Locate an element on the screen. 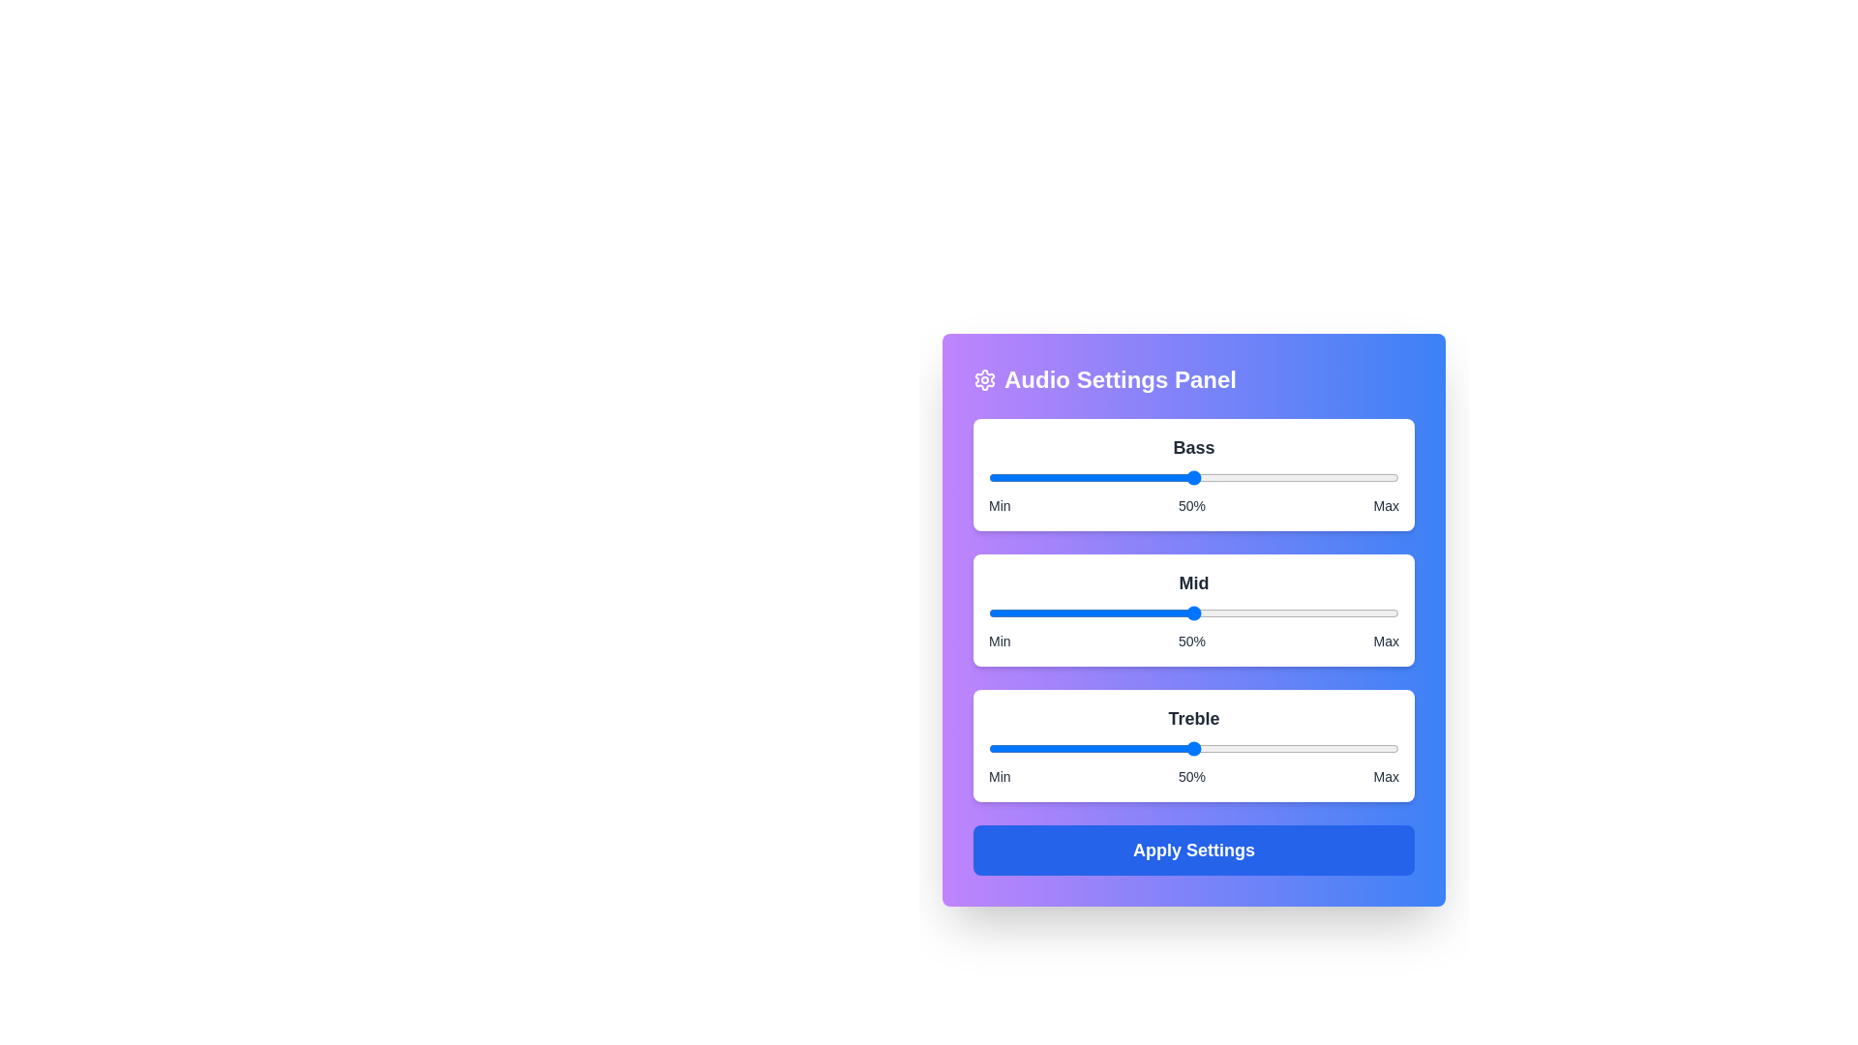 Image resolution: width=1858 pixels, height=1045 pixels. slider is located at coordinates (1177, 612).